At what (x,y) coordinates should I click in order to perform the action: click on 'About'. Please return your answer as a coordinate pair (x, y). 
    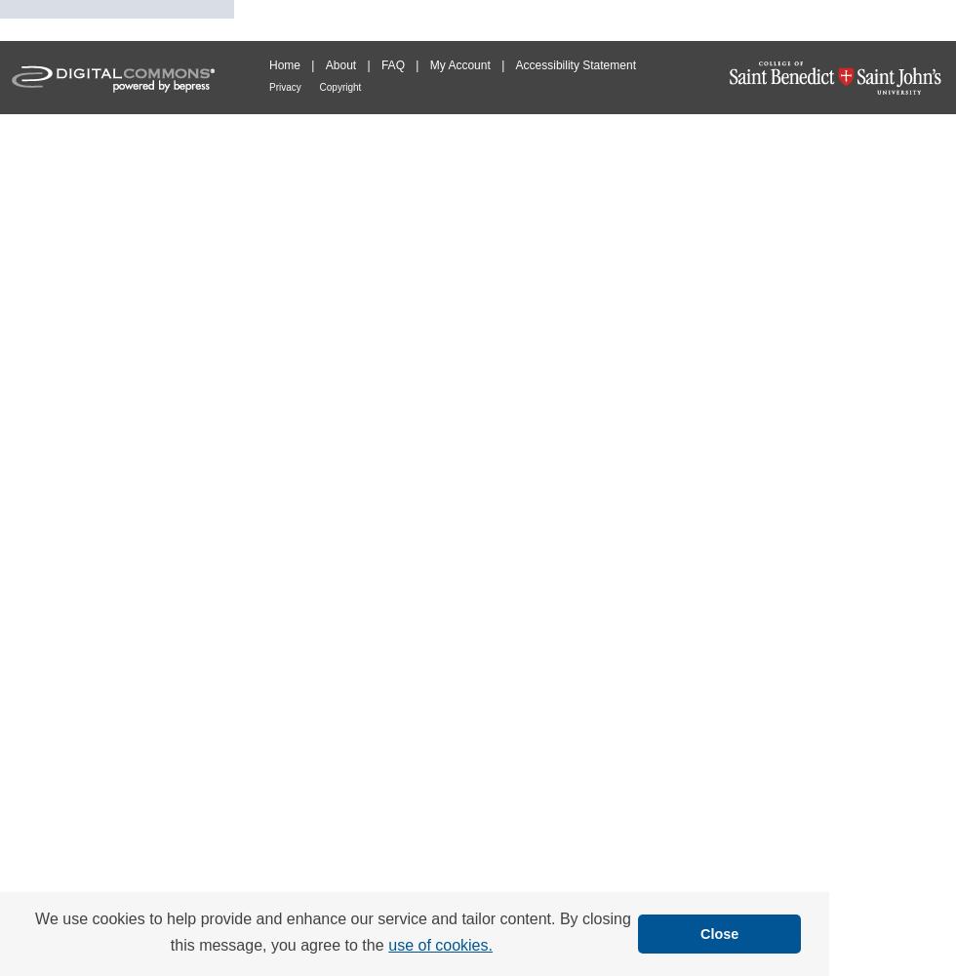
    Looking at the image, I should click on (341, 64).